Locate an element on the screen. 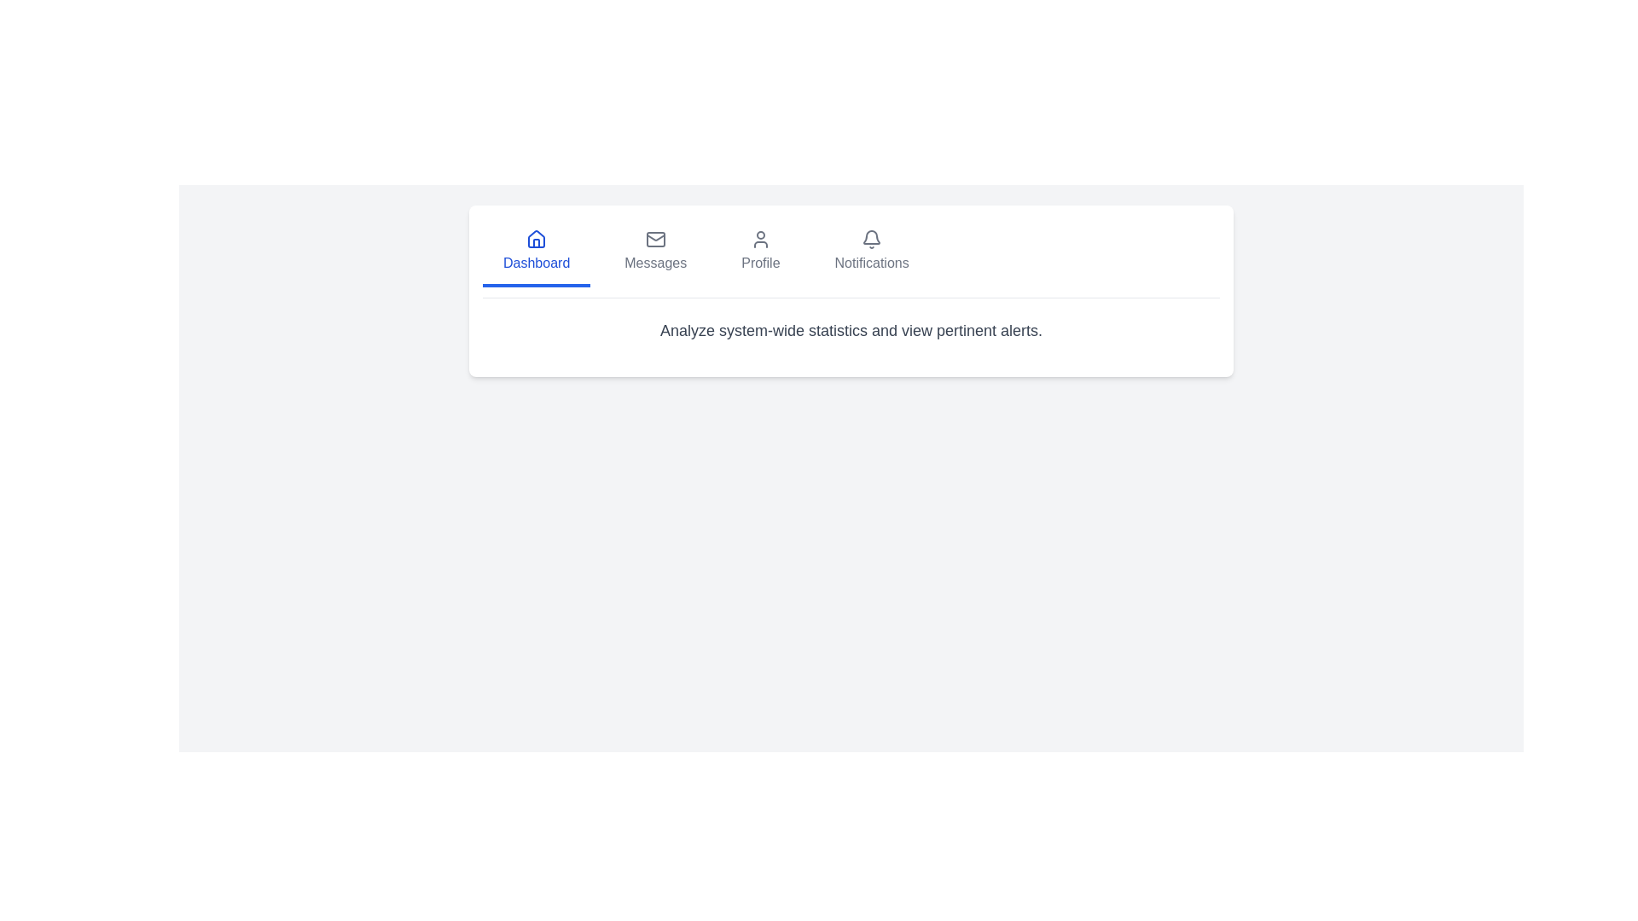  the Notifications tab to activate it is located at coordinates (872, 253).